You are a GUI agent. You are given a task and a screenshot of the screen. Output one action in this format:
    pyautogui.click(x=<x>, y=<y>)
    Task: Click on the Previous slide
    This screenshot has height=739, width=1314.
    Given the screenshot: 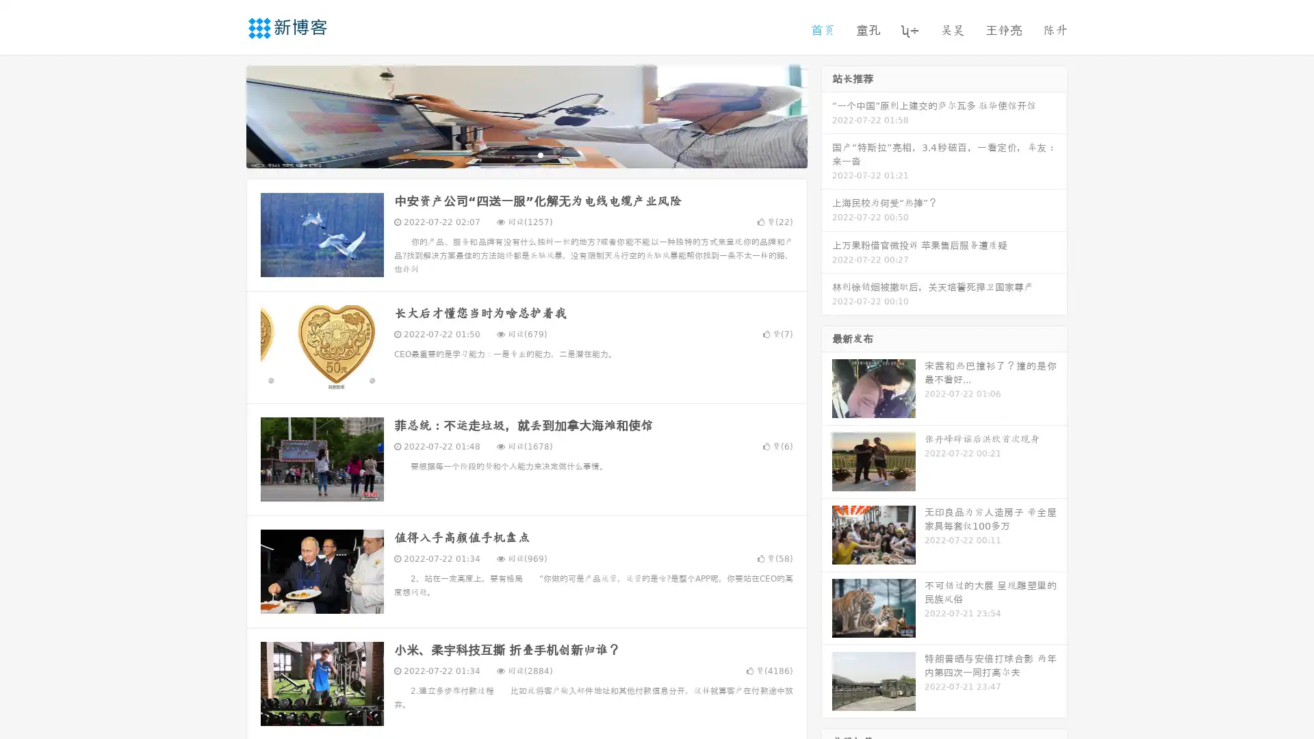 What is the action you would take?
    pyautogui.click(x=226, y=115)
    